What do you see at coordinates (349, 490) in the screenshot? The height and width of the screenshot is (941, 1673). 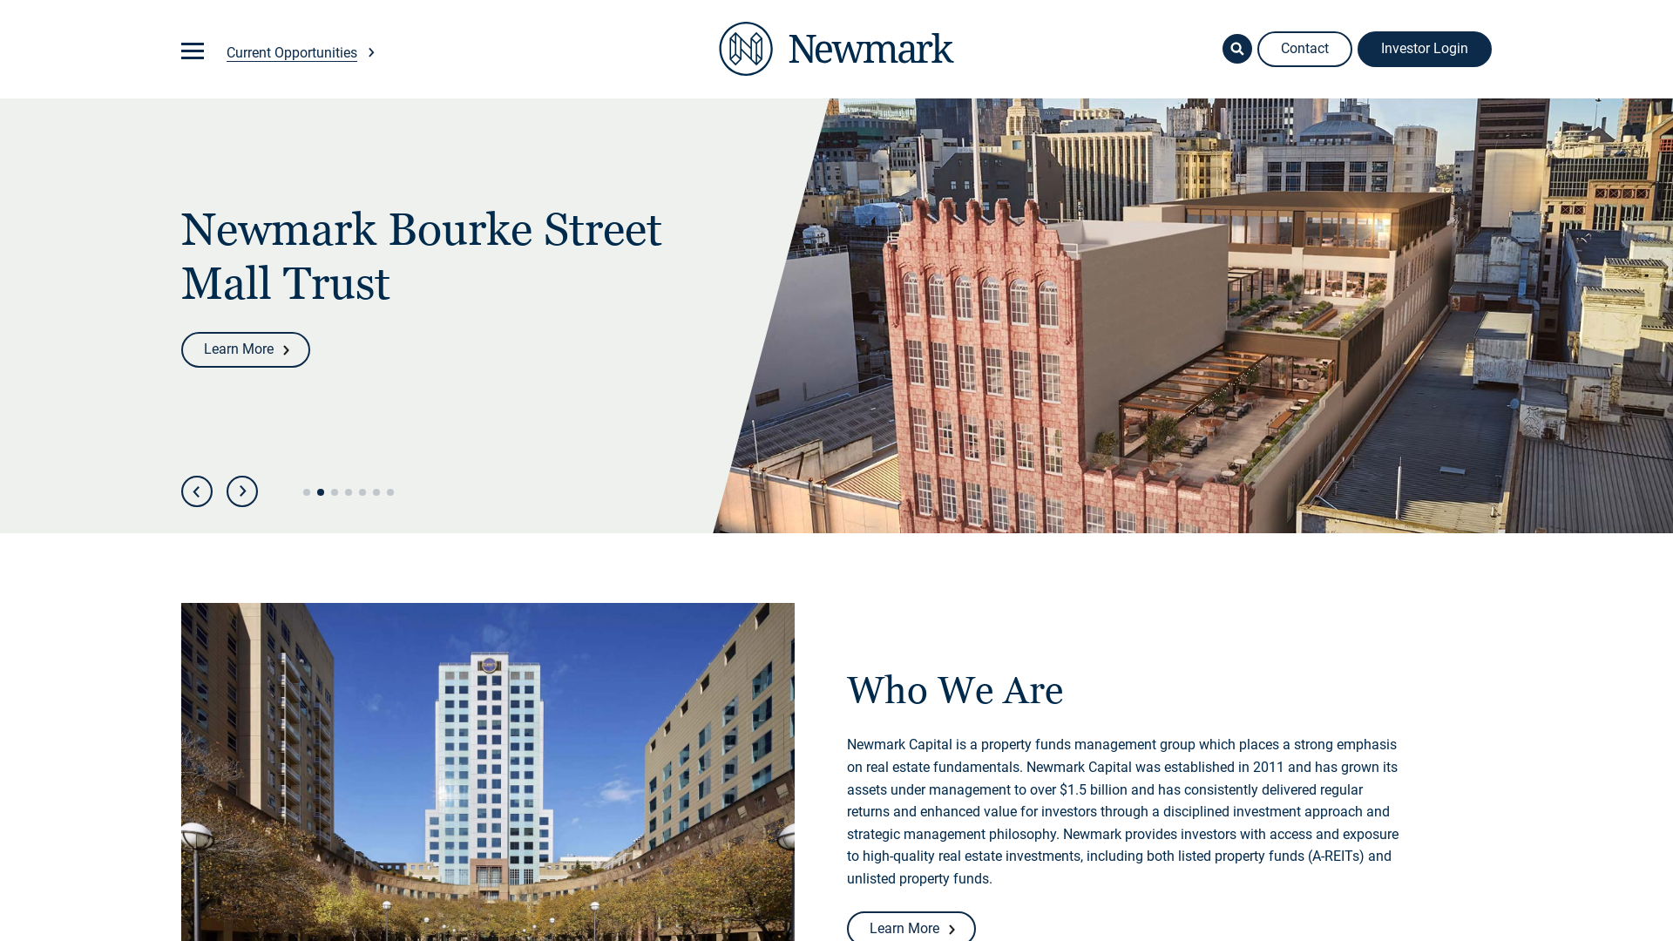 I see `'4'` at bounding box center [349, 490].